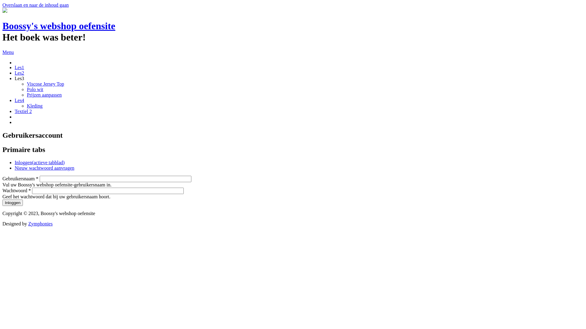  I want to click on 'Boossy's webshop oefensite', so click(2, 25).